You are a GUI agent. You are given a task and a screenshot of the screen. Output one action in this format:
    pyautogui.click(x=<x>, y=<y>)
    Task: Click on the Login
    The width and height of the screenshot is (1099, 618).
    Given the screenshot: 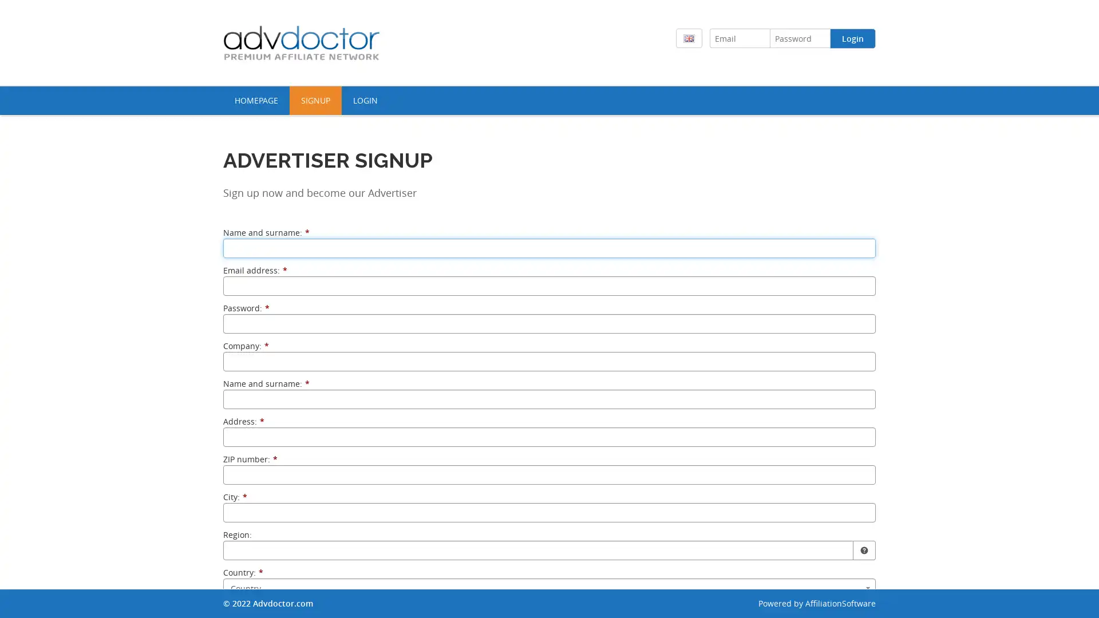 What is the action you would take?
    pyautogui.click(x=852, y=38)
    